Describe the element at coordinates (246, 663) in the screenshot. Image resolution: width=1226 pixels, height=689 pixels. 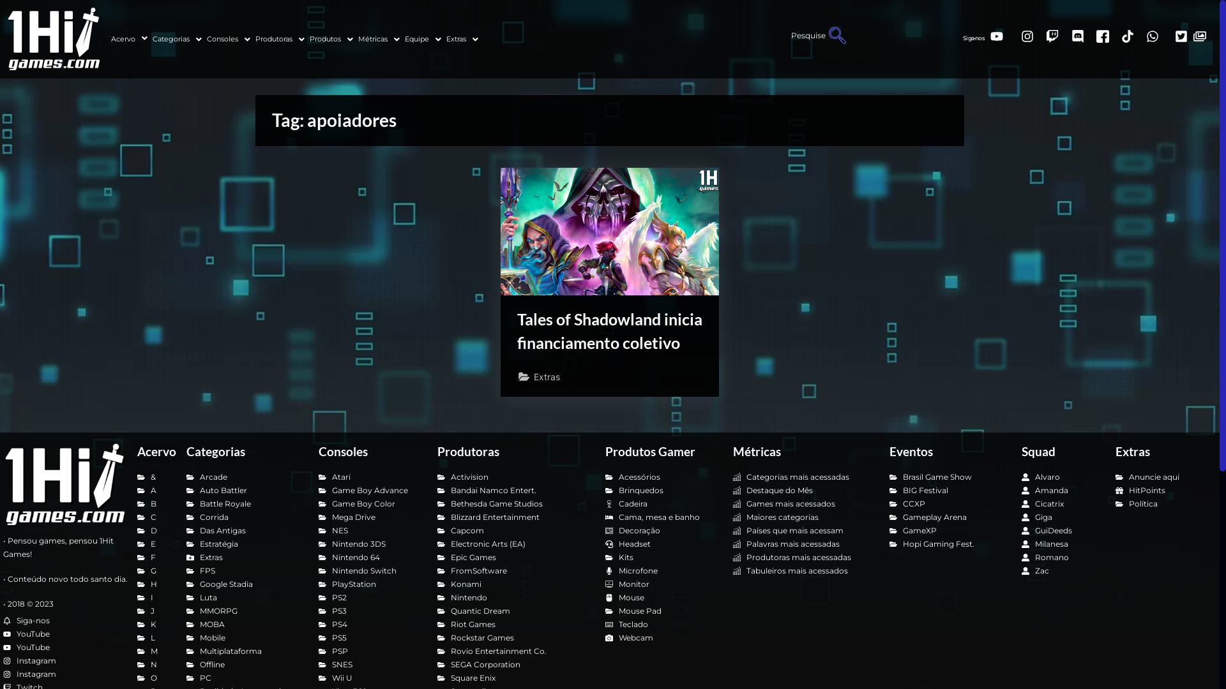
I see `'Offline'` at that location.